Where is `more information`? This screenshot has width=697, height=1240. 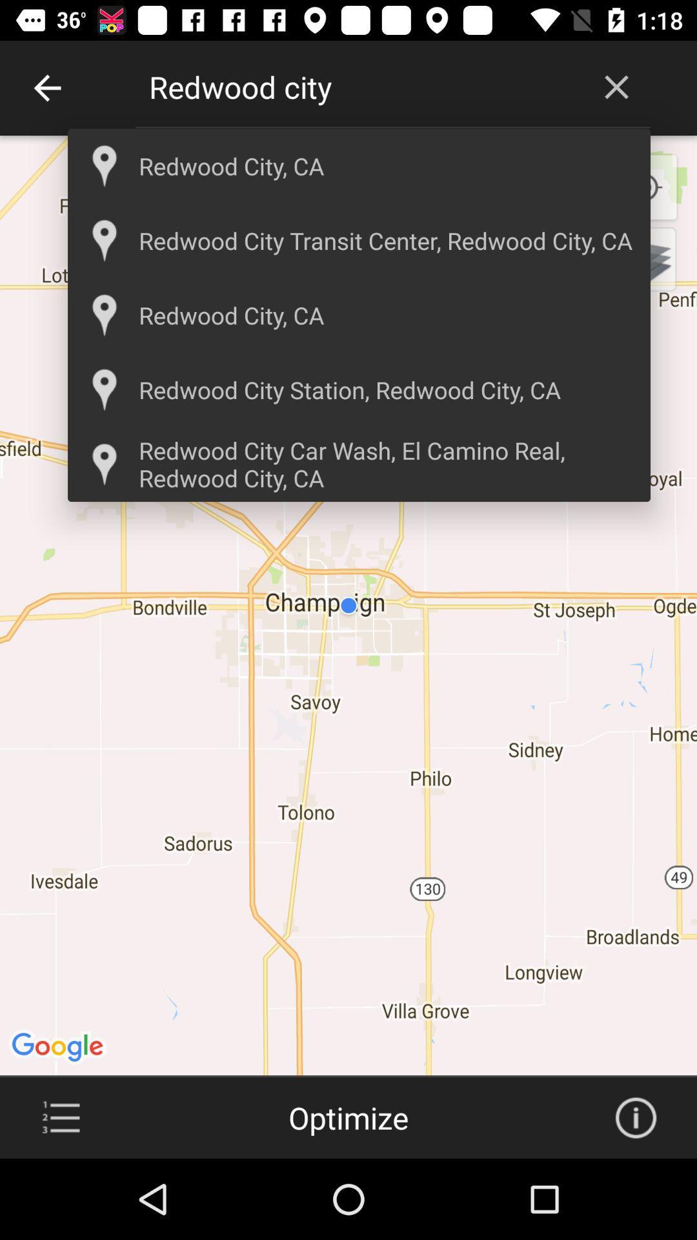 more information is located at coordinates (635, 1117).